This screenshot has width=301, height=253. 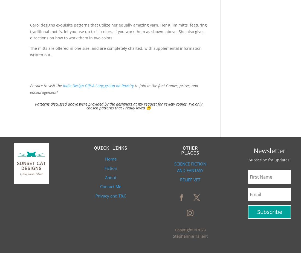 I want to click on 'Subscribe for updates!', so click(x=269, y=160).